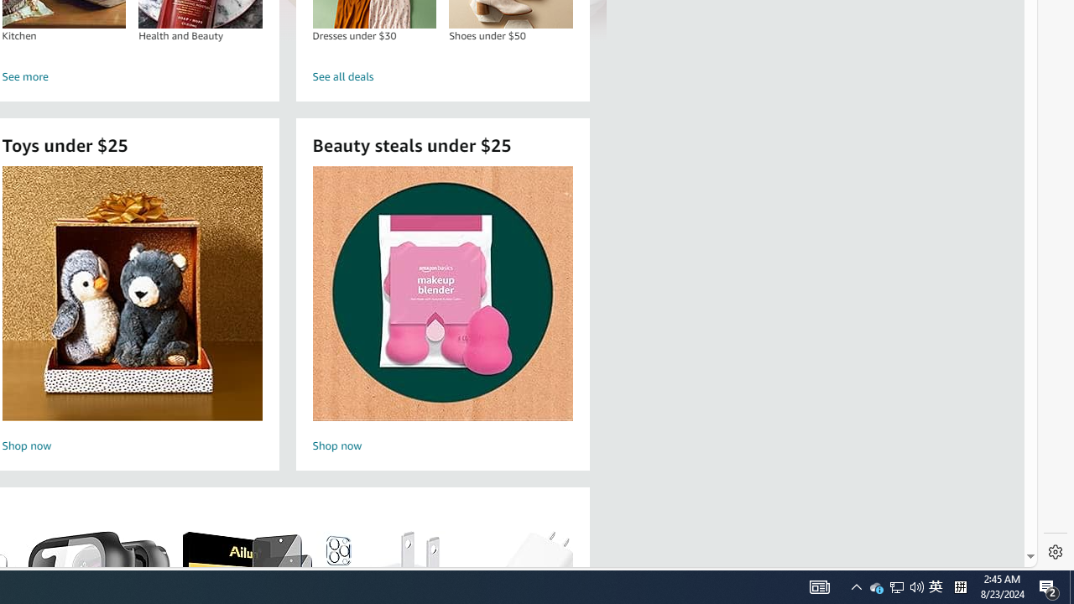 The width and height of the screenshot is (1074, 604). I want to click on 'See all deals', so click(443, 77).